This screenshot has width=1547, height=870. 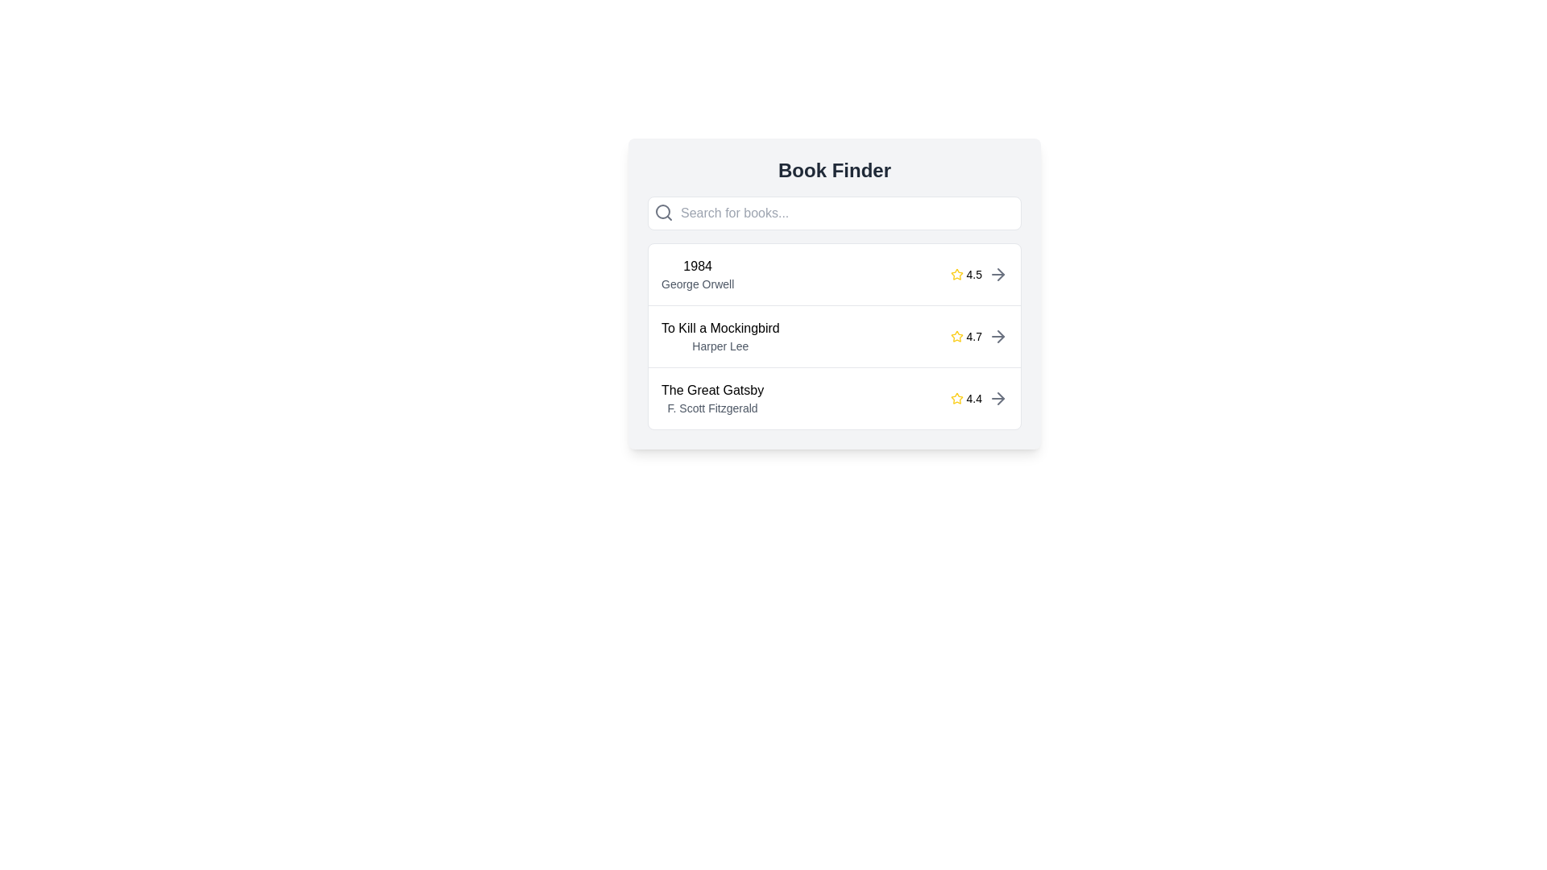 I want to click on the textual information display (title and author) of the first book, so click(x=697, y=273).